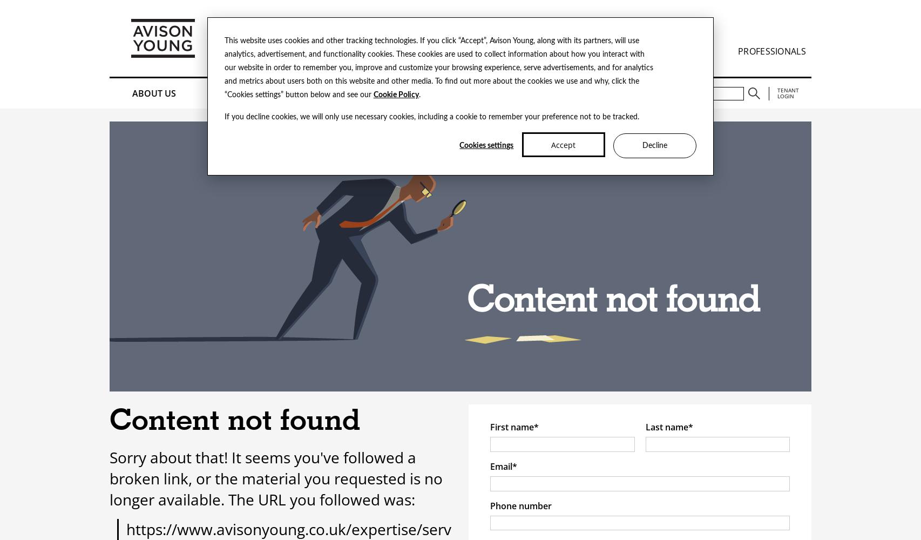 This screenshot has width=921, height=540. What do you see at coordinates (275, 478) in the screenshot?
I see `'Sorry about that! It seems you've followed a broken link, or the material you requested is no longer available. The URL you followed was:'` at bounding box center [275, 478].